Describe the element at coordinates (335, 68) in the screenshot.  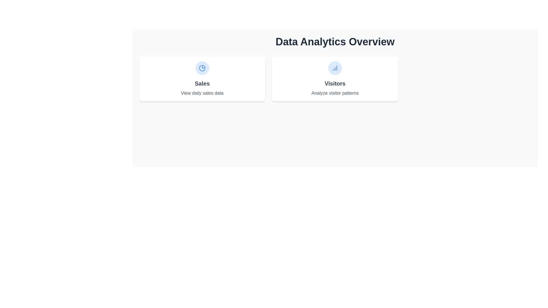
I see `Bar Chart Representation icon located in the header of the right card under the 'Data Analytics Overview' heading, positioned above the 'Visitors' label` at that location.